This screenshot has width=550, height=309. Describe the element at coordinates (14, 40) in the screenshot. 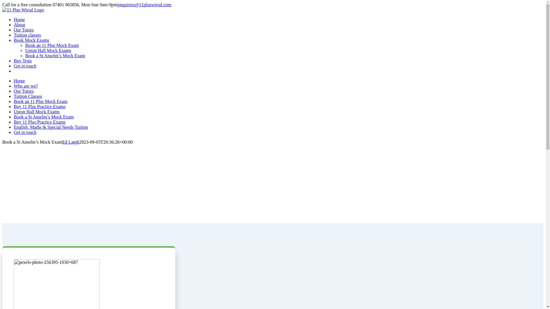

I see `'Book Mock Exams'` at that location.